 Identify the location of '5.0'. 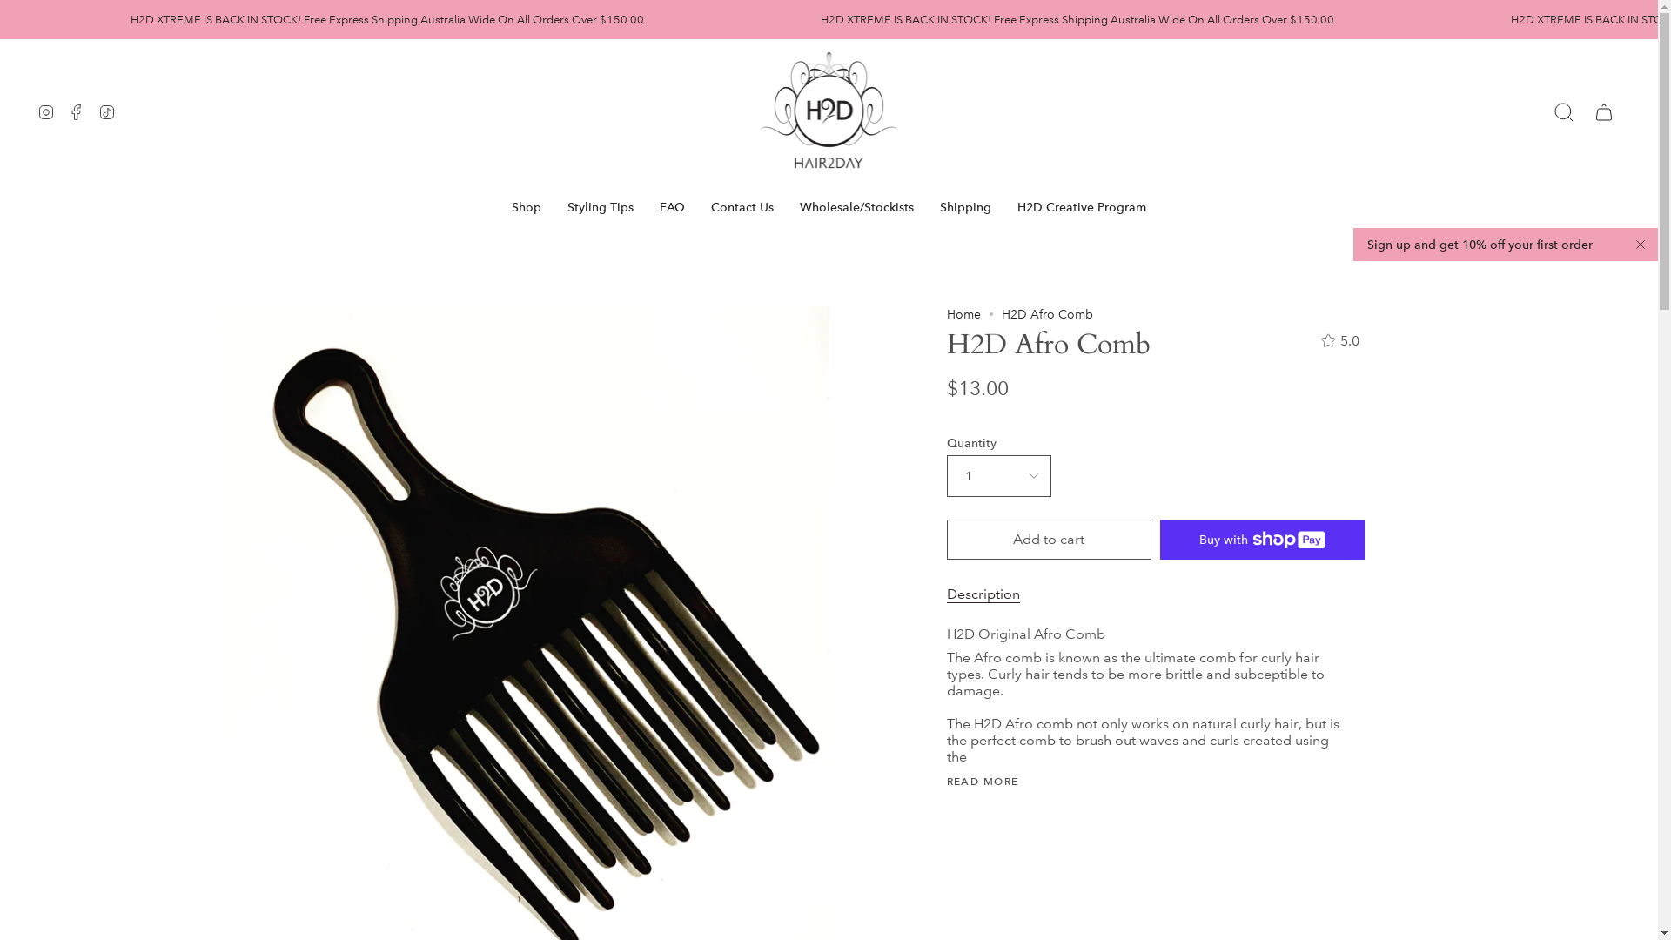
(1336, 340).